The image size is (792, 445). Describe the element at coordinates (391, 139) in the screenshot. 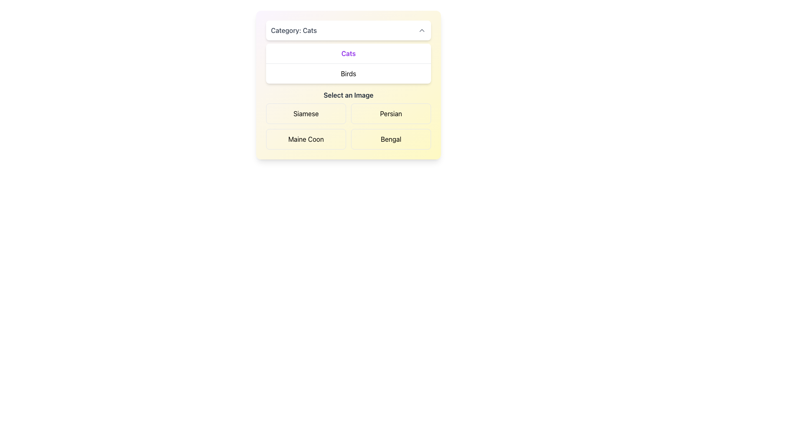

I see `the button labeled 'Bengal' with a light yellow background located in the second row and second column of the grid to trigger a visual effect` at that location.